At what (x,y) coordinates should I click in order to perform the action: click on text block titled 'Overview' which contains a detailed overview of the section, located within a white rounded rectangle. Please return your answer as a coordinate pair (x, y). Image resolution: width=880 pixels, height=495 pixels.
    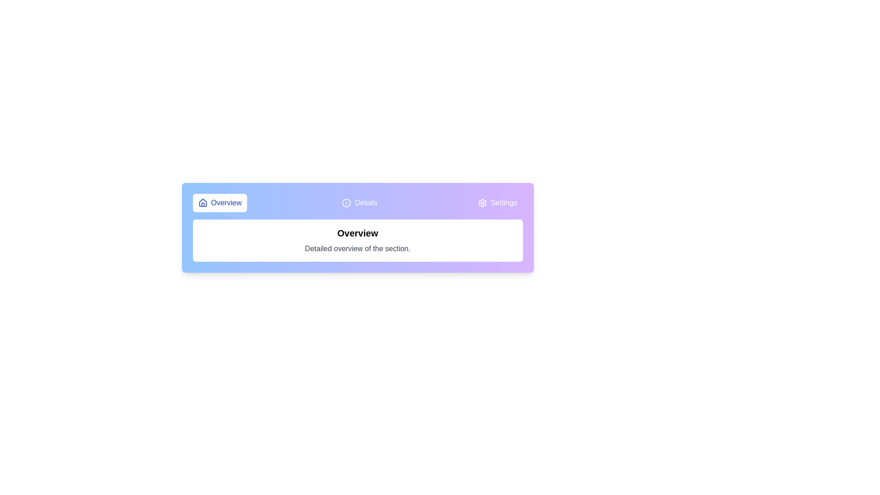
    Looking at the image, I should click on (357, 240).